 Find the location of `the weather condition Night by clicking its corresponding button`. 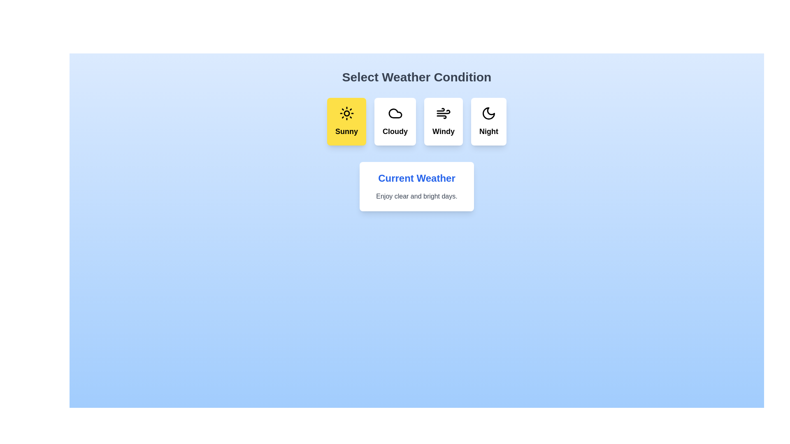

the weather condition Night by clicking its corresponding button is located at coordinates (488, 122).